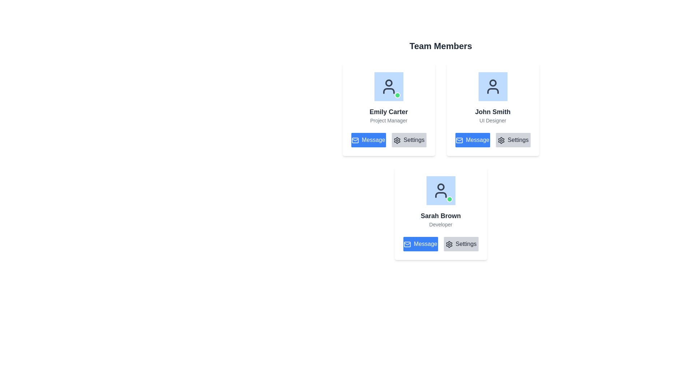 This screenshot has height=390, width=694. Describe the element at coordinates (440, 186) in the screenshot. I see `the circular SVG graphic representing the profile picture of 'Sarah Brown, Developer' located at the bottom-center of the layout` at that location.